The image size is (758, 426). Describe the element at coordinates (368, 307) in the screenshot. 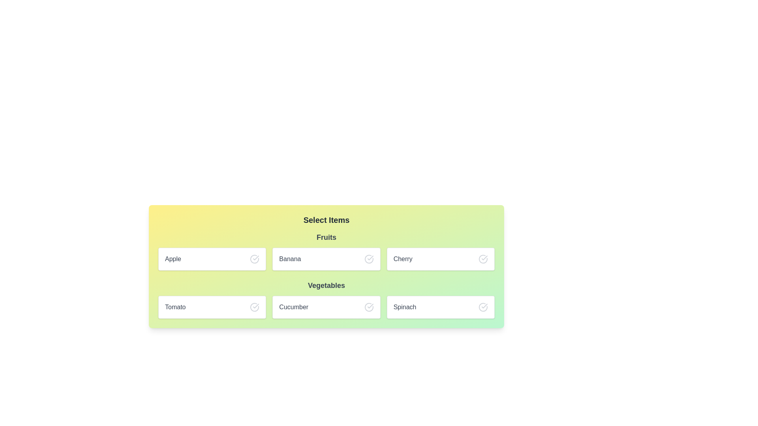

I see `the checkmark symbol within the SVG icon representing 'Cucumber' in the 'Vegetables' section` at that location.